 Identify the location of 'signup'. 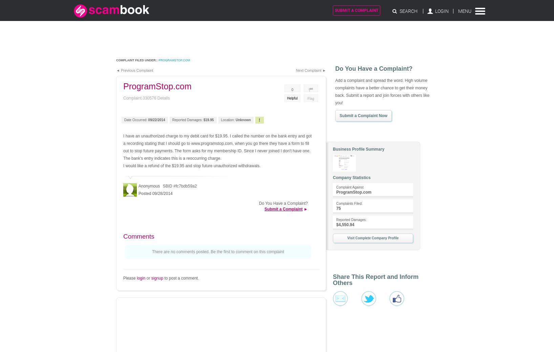
(156, 278).